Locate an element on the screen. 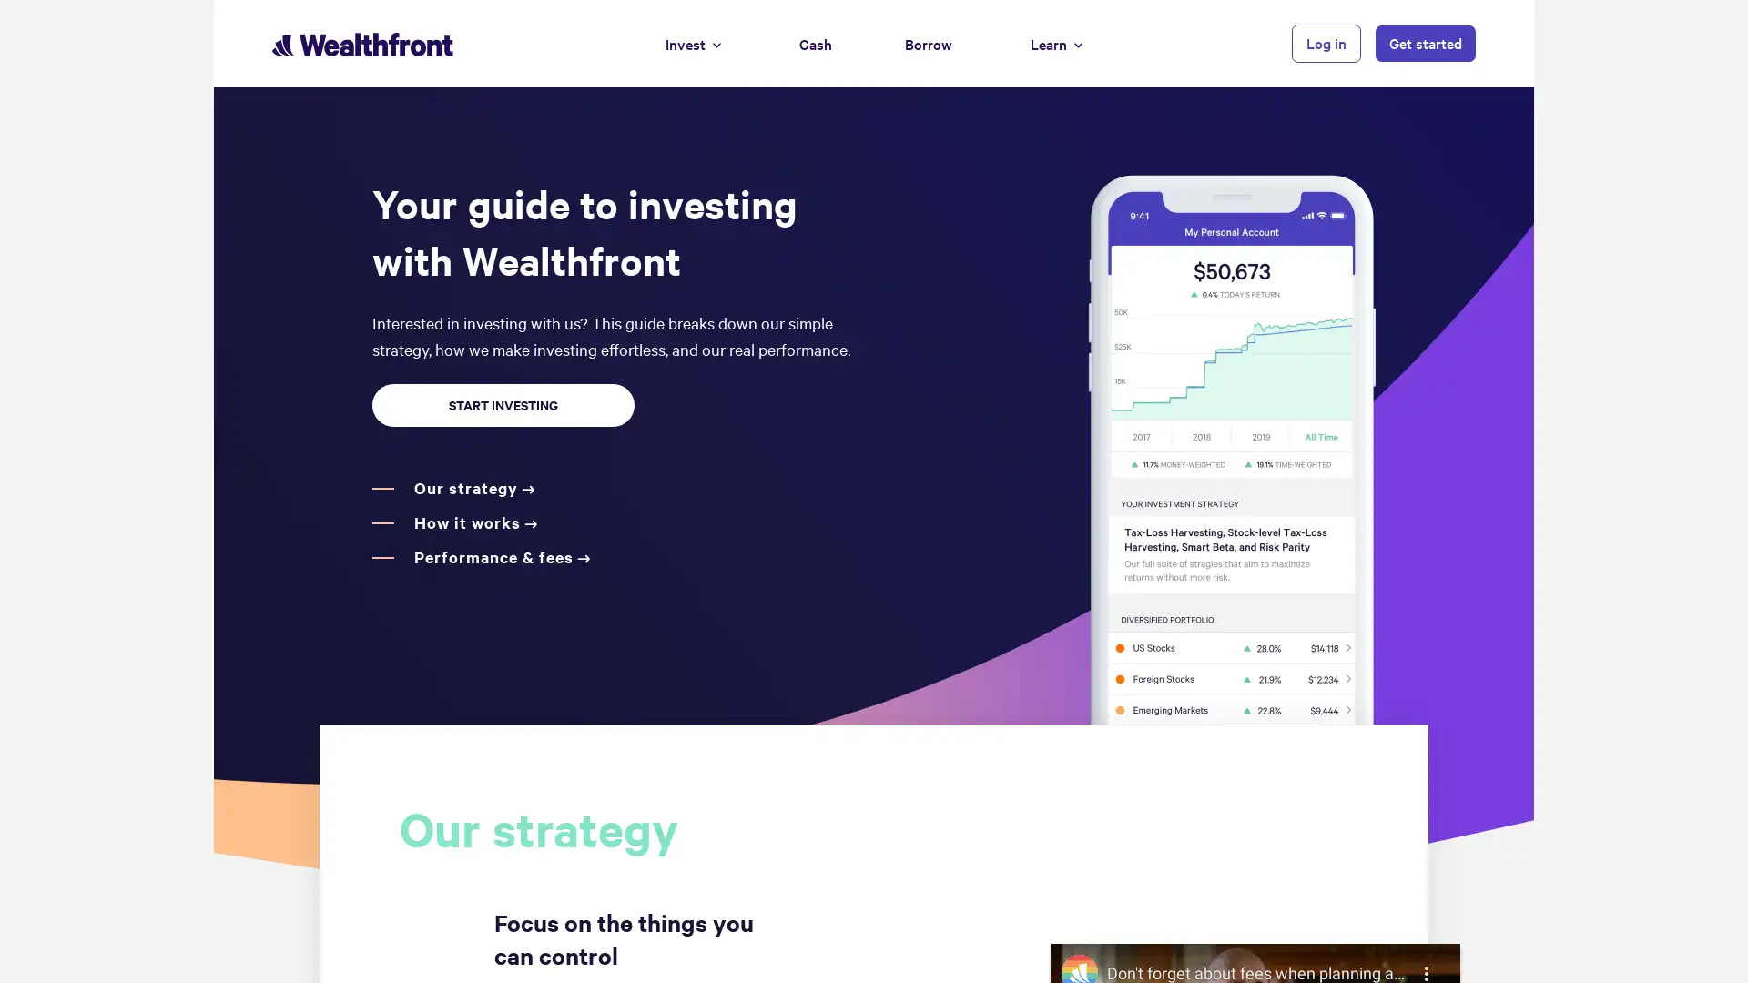  Invest is located at coordinates (692, 42).